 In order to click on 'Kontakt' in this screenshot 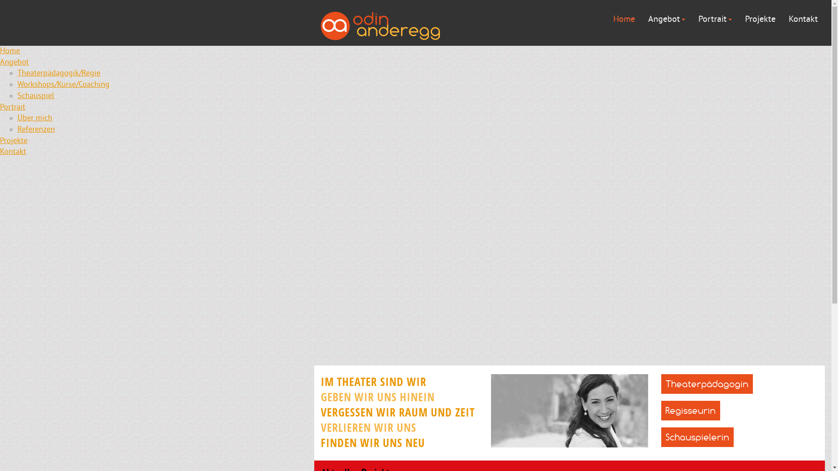, I will do `click(13, 151)`.